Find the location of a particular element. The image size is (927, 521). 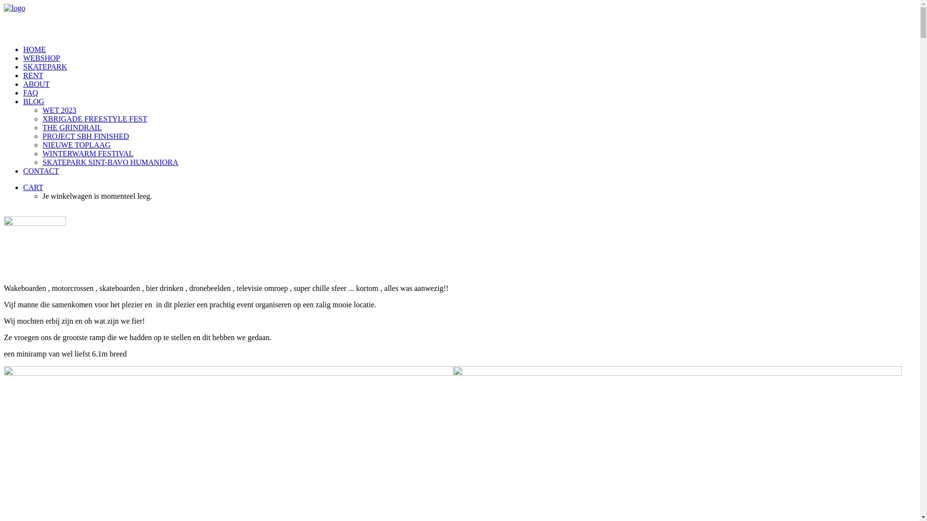

'WET 2023' is located at coordinates (479, 110).